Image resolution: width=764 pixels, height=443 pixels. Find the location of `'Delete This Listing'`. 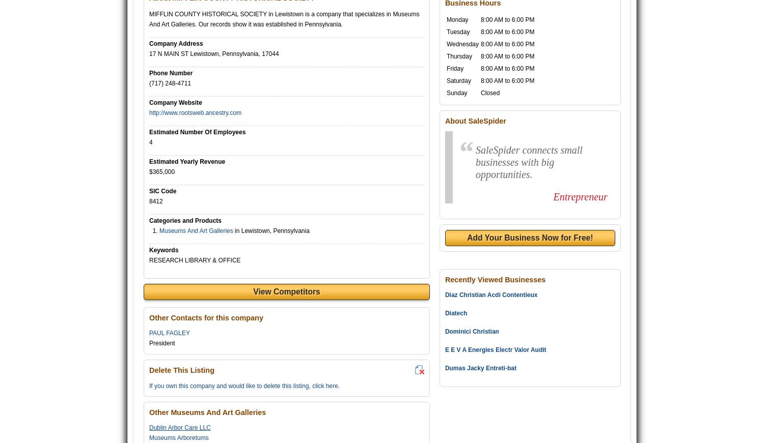

'Delete This Listing' is located at coordinates (149, 370).